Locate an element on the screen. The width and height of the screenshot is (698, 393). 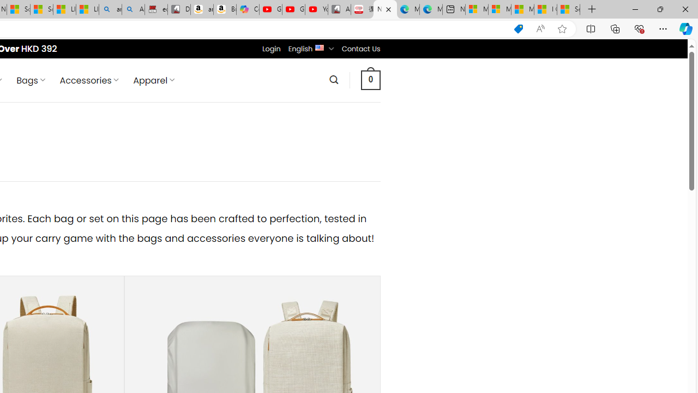
'amazon.in/dp/B0CX59H5W7/?tag=gsmcom05-21' is located at coordinates (201, 9).